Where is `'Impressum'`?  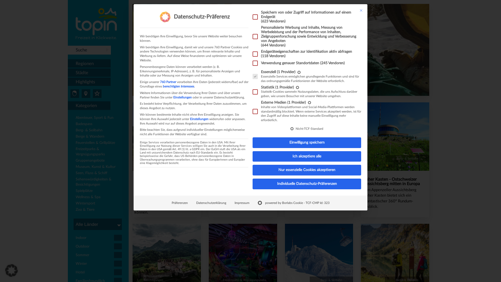 'Impressum' is located at coordinates (241, 203).